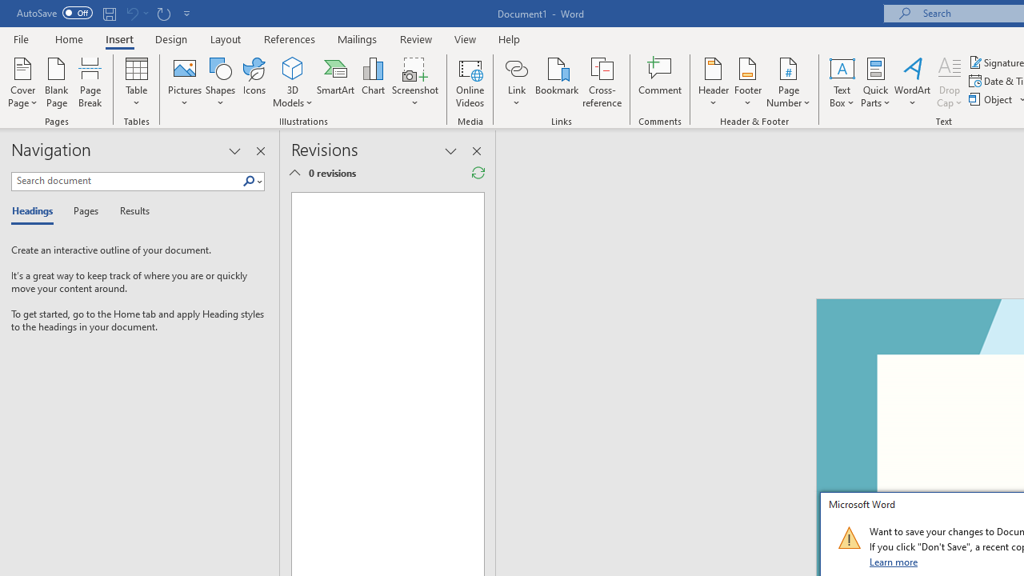 The image size is (1024, 576). I want to click on 'Pages', so click(83, 211).